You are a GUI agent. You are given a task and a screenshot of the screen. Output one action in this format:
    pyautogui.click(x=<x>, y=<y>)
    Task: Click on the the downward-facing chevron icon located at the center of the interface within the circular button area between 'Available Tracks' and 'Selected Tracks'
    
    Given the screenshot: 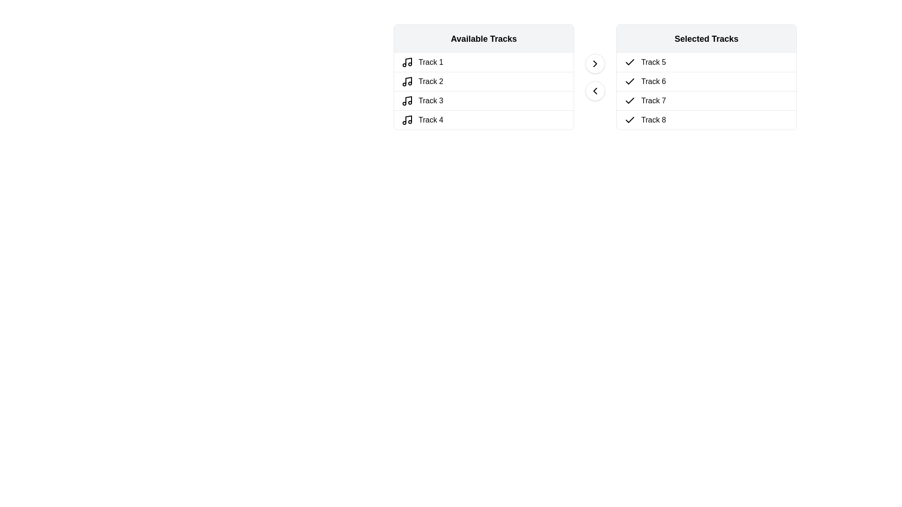 What is the action you would take?
    pyautogui.click(x=595, y=91)
    